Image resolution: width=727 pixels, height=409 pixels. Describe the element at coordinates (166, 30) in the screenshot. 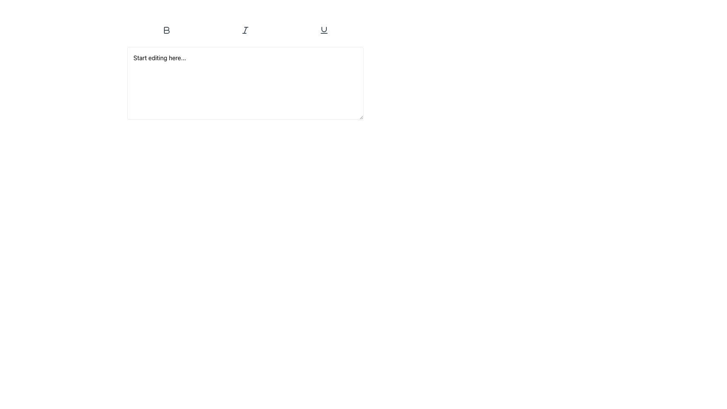

I see `the bold icon button located at the leftmost position in the formatting toolbar` at that location.